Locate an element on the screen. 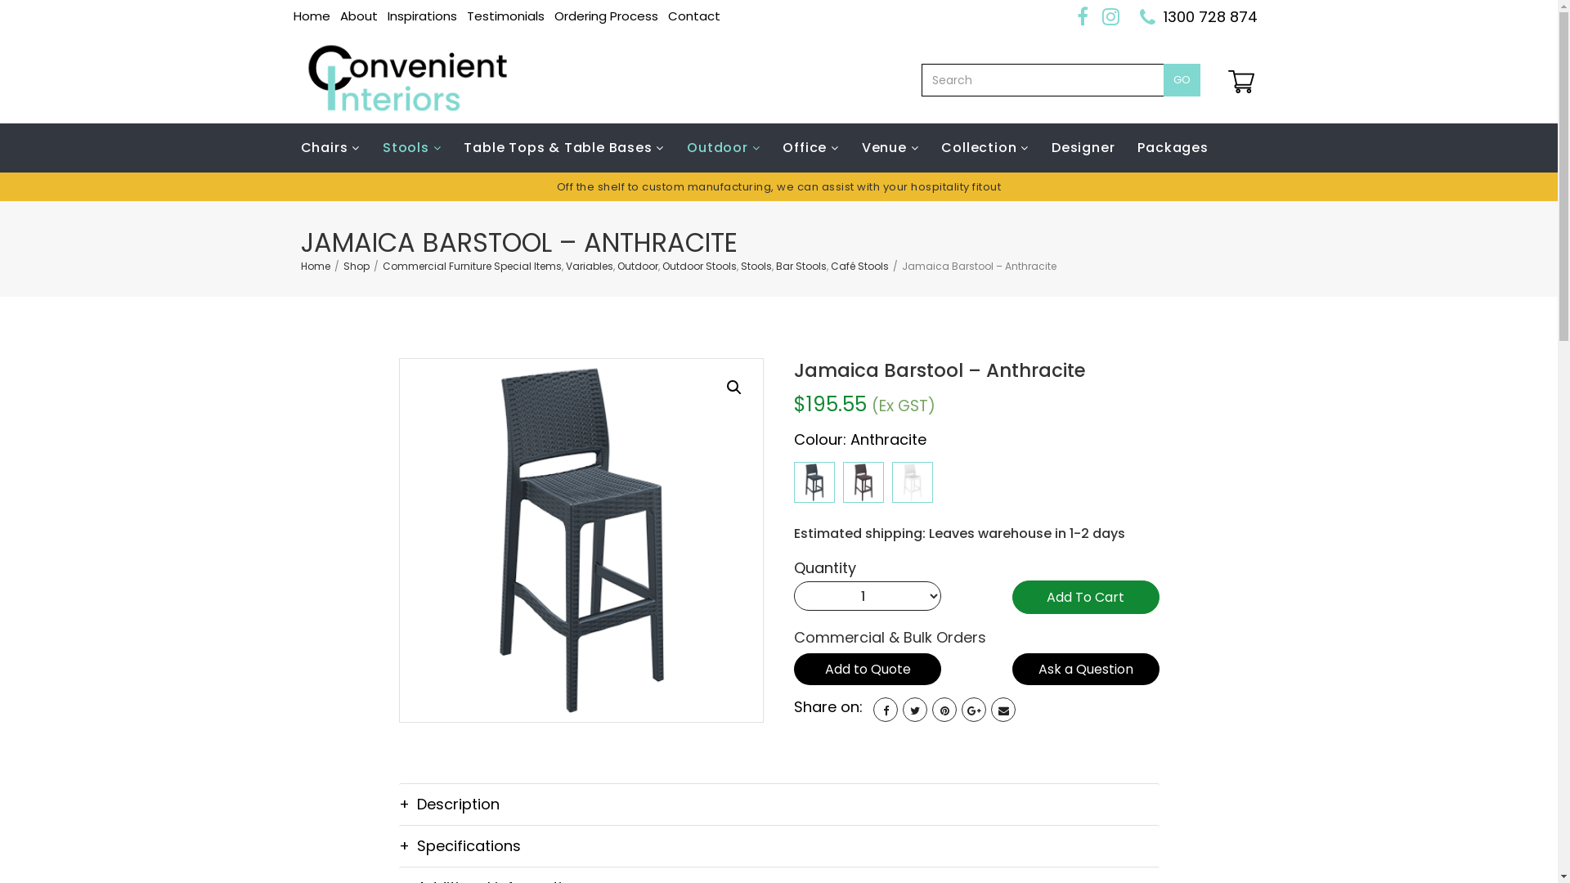  'About' is located at coordinates (357, 16).